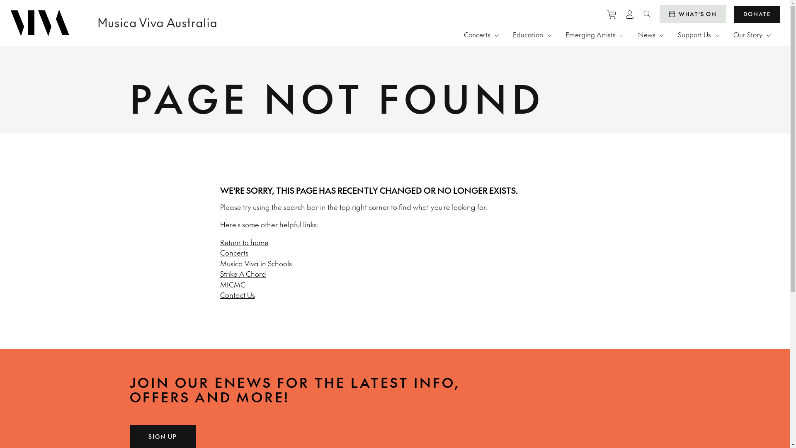 This screenshot has height=448, width=796. What do you see at coordinates (532, 34) in the screenshot?
I see `'Education'` at bounding box center [532, 34].